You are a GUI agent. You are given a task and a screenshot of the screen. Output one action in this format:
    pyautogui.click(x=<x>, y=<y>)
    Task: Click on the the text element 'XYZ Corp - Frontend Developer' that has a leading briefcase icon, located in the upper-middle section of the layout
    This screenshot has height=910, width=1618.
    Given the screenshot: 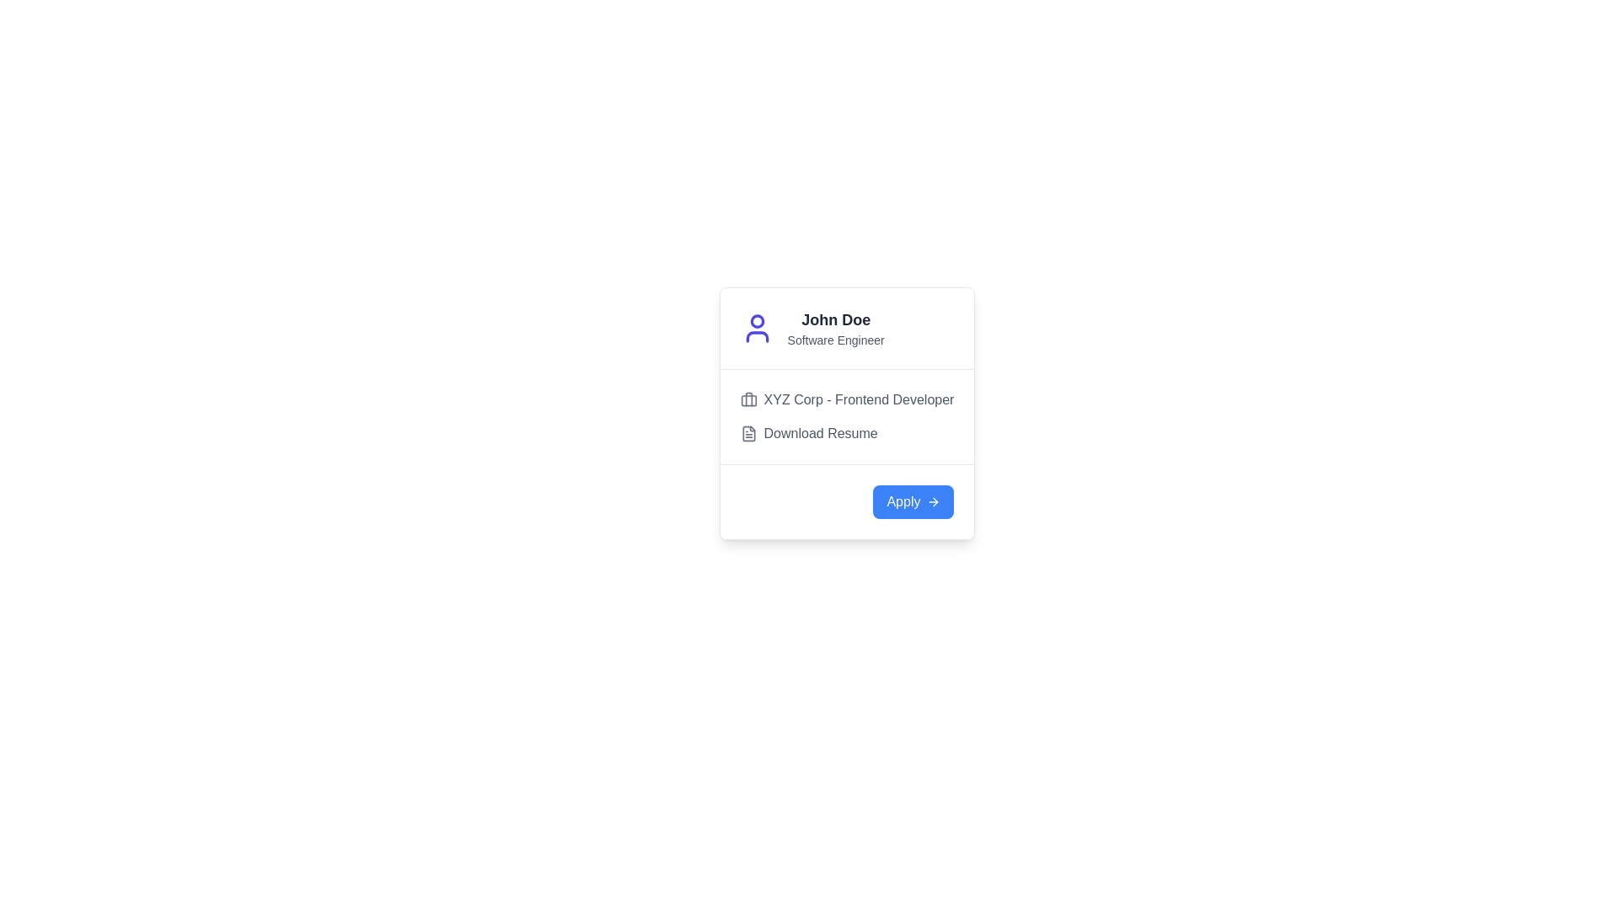 What is the action you would take?
    pyautogui.click(x=847, y=399)
    